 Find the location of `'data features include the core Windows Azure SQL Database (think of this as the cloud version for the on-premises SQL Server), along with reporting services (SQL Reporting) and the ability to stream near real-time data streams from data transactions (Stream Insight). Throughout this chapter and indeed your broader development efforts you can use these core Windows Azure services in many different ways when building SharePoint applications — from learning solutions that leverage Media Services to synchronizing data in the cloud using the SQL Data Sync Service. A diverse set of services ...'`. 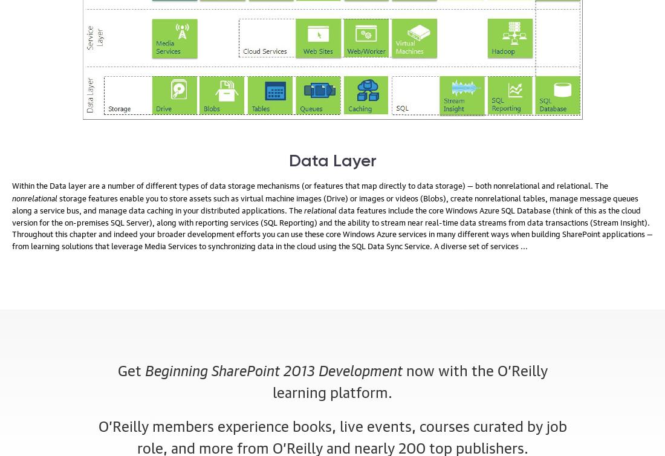

'data features include the core Windows Azure SQL Database (think of this as the cloud version for the on-premises SQL Server), along with reporting services (SQL Reporting) and the ability to stream near real-time data streams from data transactions (Stream Insight). Throughout this chapter and indeed your broader development efforts you can use these core Windows Azure services in many different ways when building SharePoint applications — from learning solutions that leverage Media Services to synchronizing data in the cloud using the SQL Data Sync Service. A diverse set of services ...' is located at coordinates (332, 227).